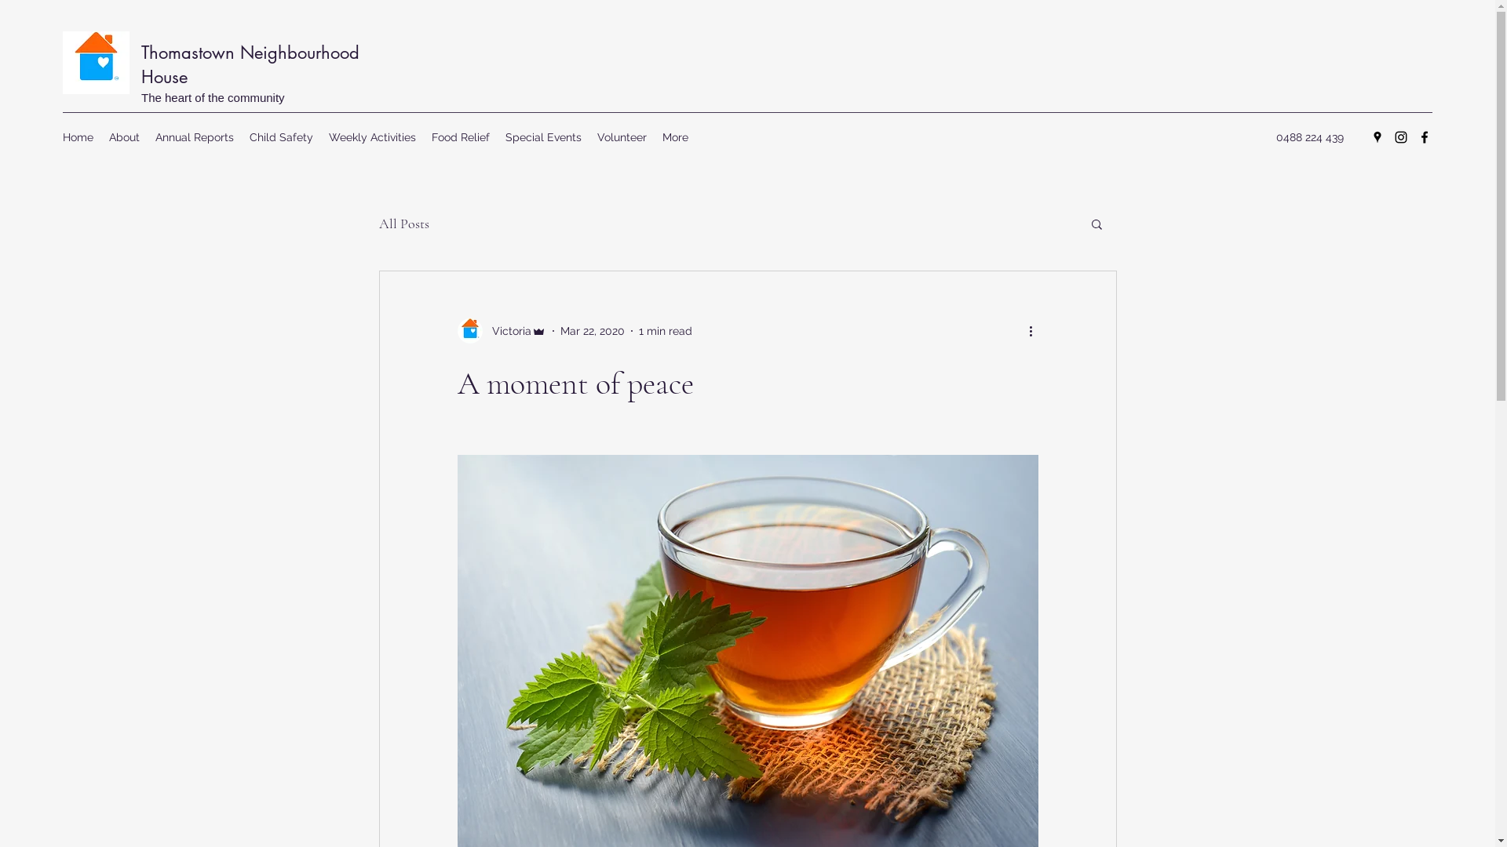 The height and width of the screenshot is (847, 1507). I want to click on 'Home', so click(77, 136).